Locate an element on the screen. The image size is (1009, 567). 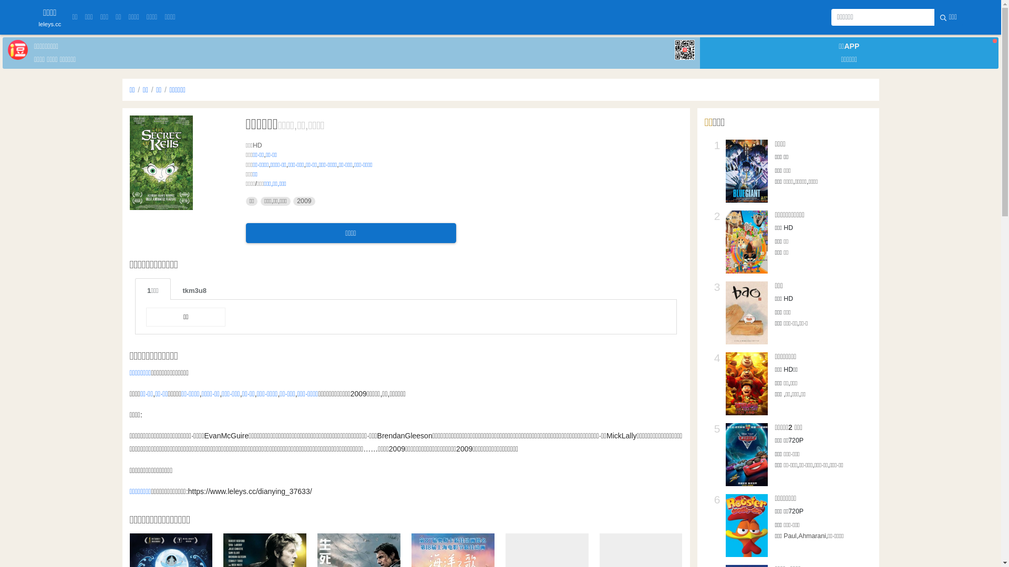
'Paul' is located at coordinates (790, 536).